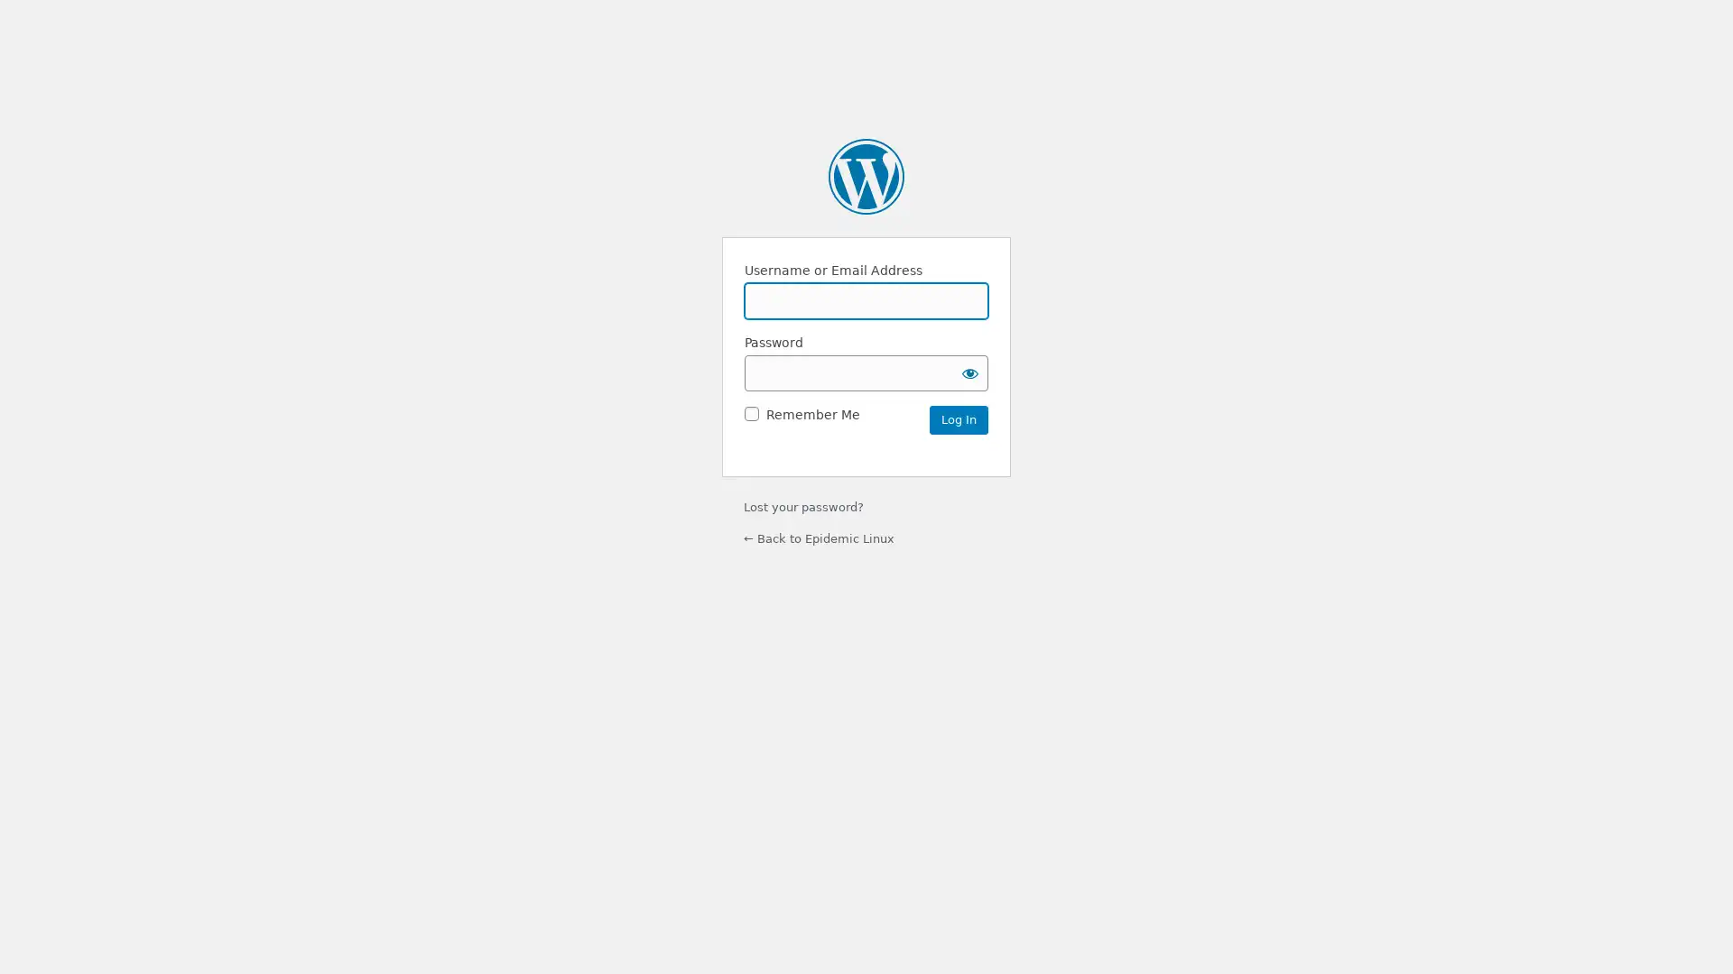  What do you see at coordinates (958, 419) in the screenshot?
I see `Log In` at bounding box center [958, 419].